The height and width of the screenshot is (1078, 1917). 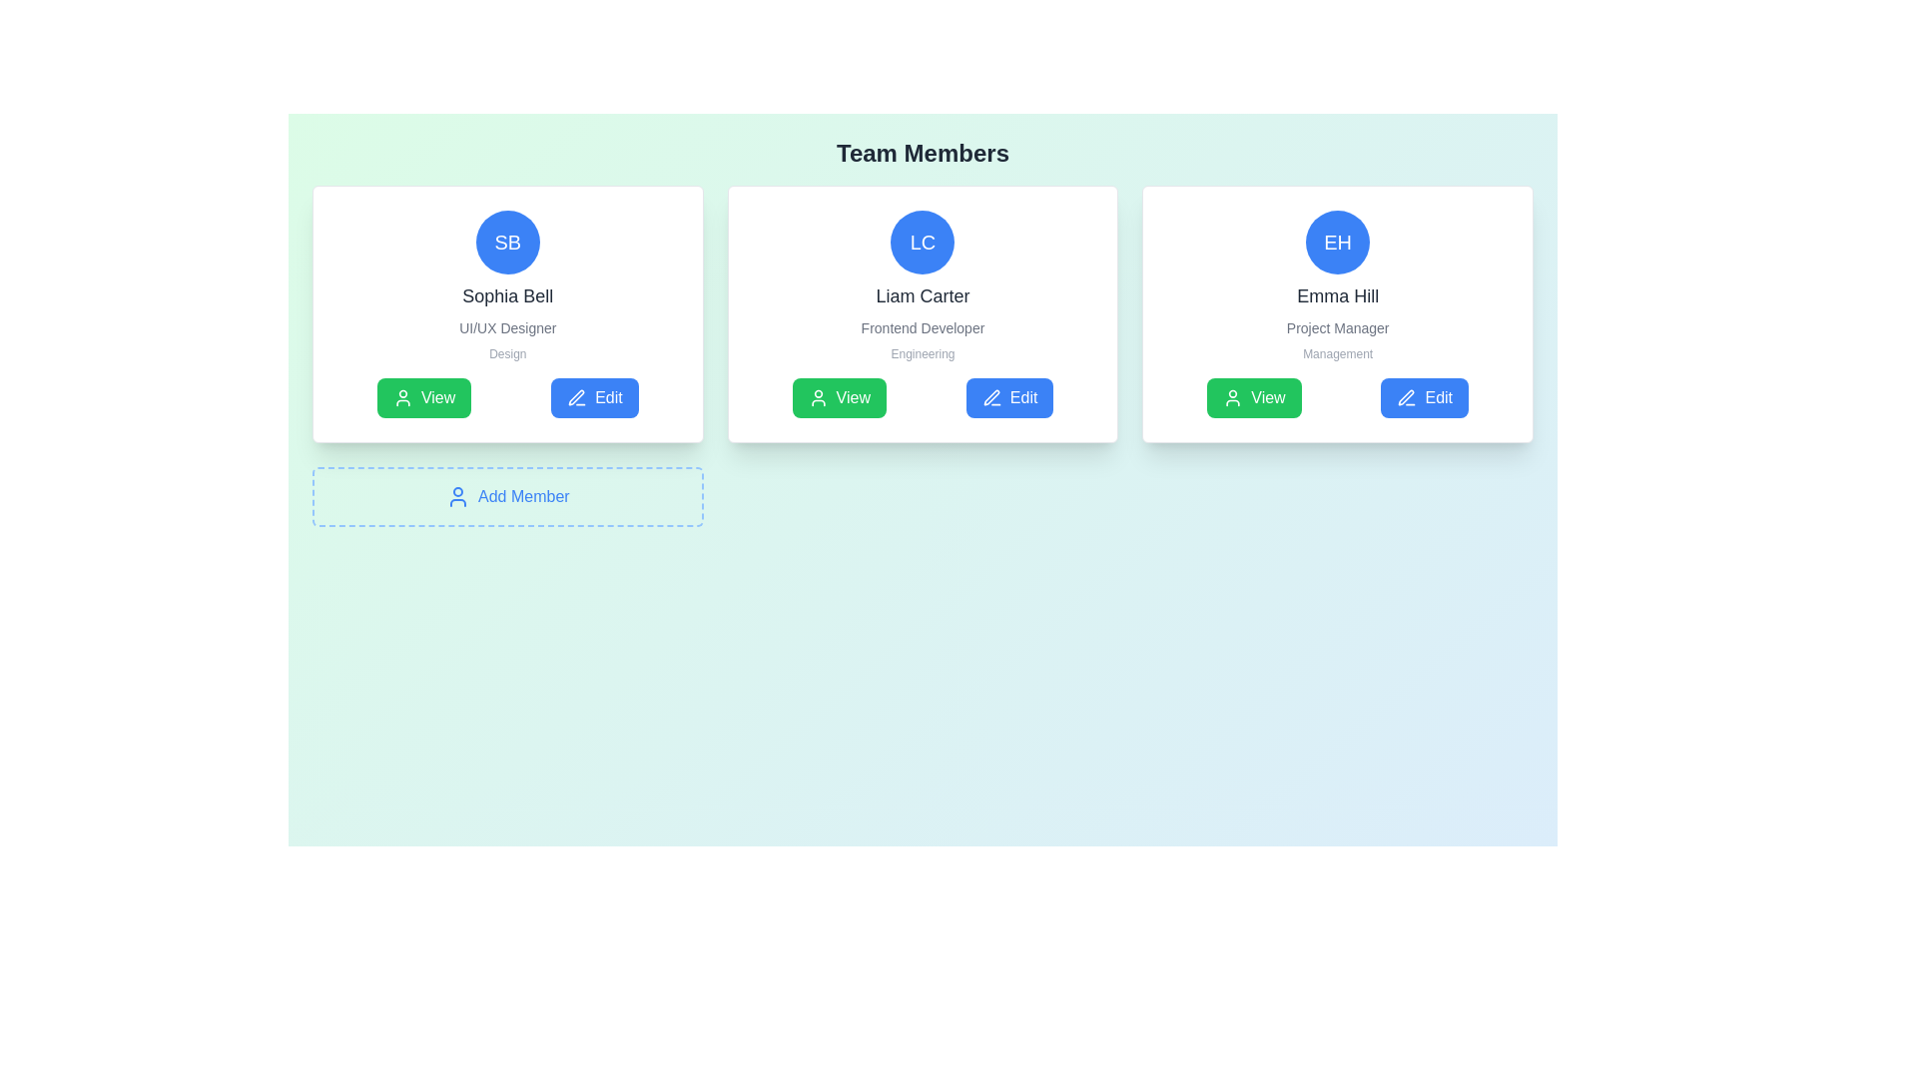 What do you see at coordinates (576, 397) in the screenshot?
I see `the pen-shaped icon with a blue background located within the 'Edit' button under the 'Sophia Bell' card in the 'Team Members' section` at bounding box center [576, 397].